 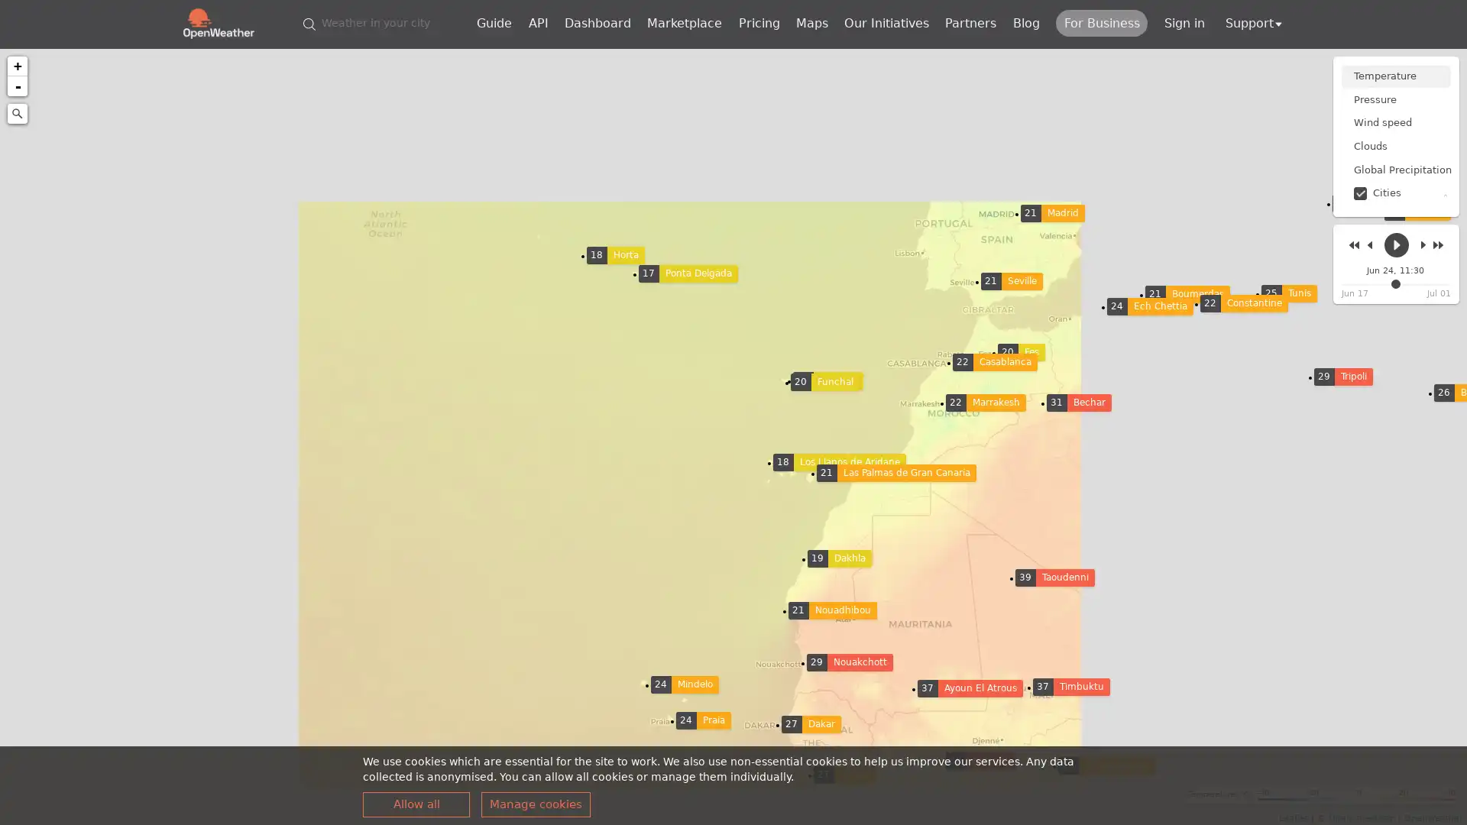 I want to click on Allow all, so click(x=416, y=804).